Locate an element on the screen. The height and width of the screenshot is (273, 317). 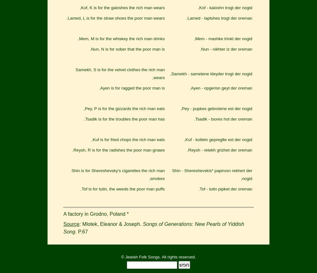
'Nun, N is for sober that the poor man is.' is located at coordinates (127, 49).